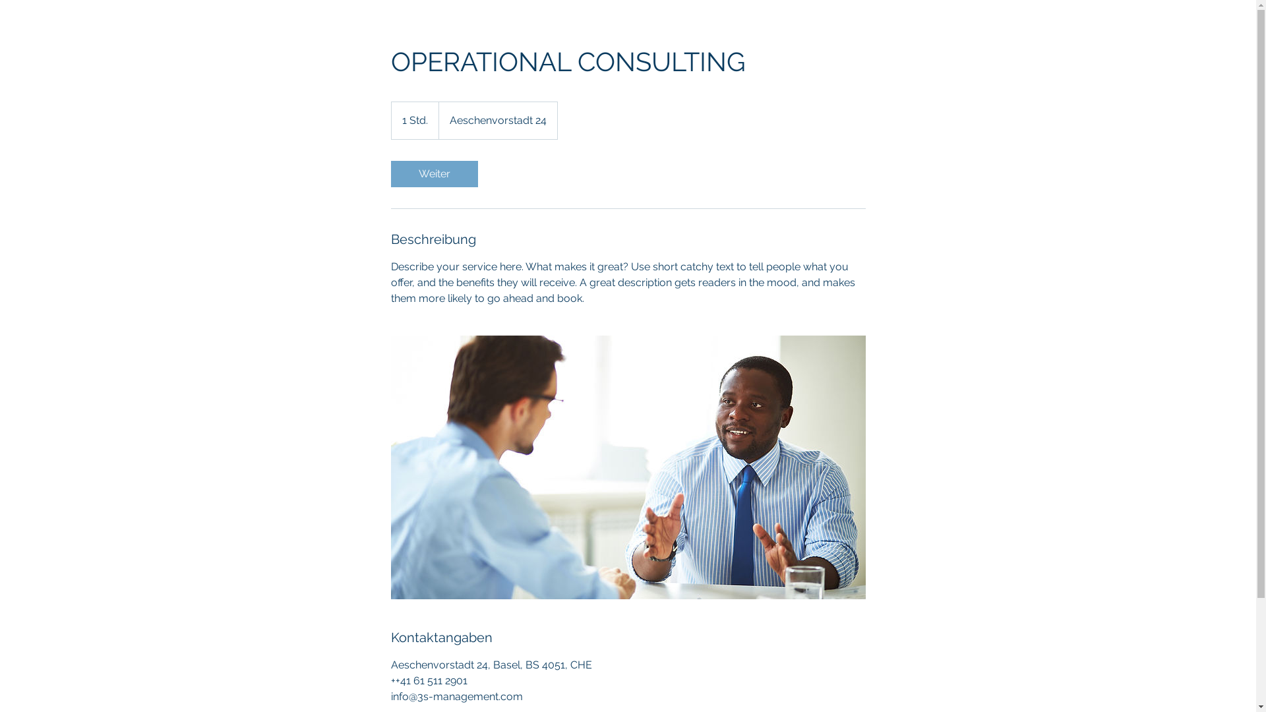  I want to click on 'Weiter', so click(389, 173).